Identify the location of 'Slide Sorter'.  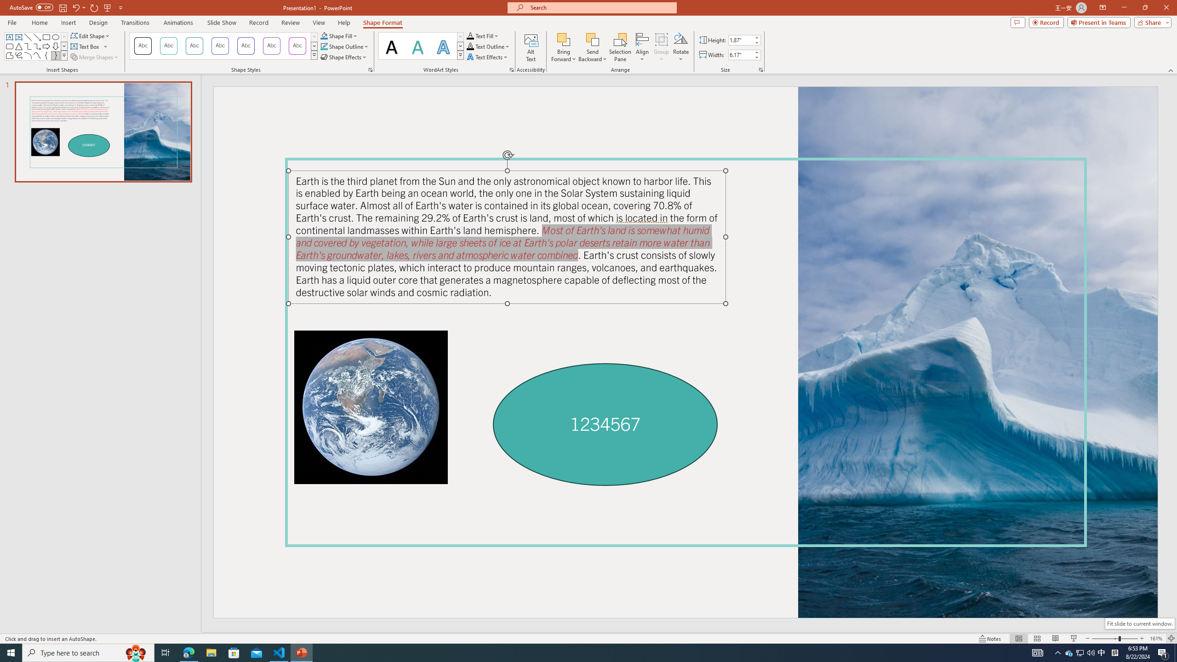
(1036, 639).